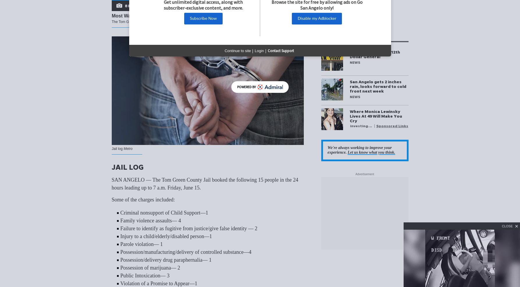  What do you see at coordinates (254, 50) in the screenshot?
I see `'Login'` at bounding box center [254, 50].